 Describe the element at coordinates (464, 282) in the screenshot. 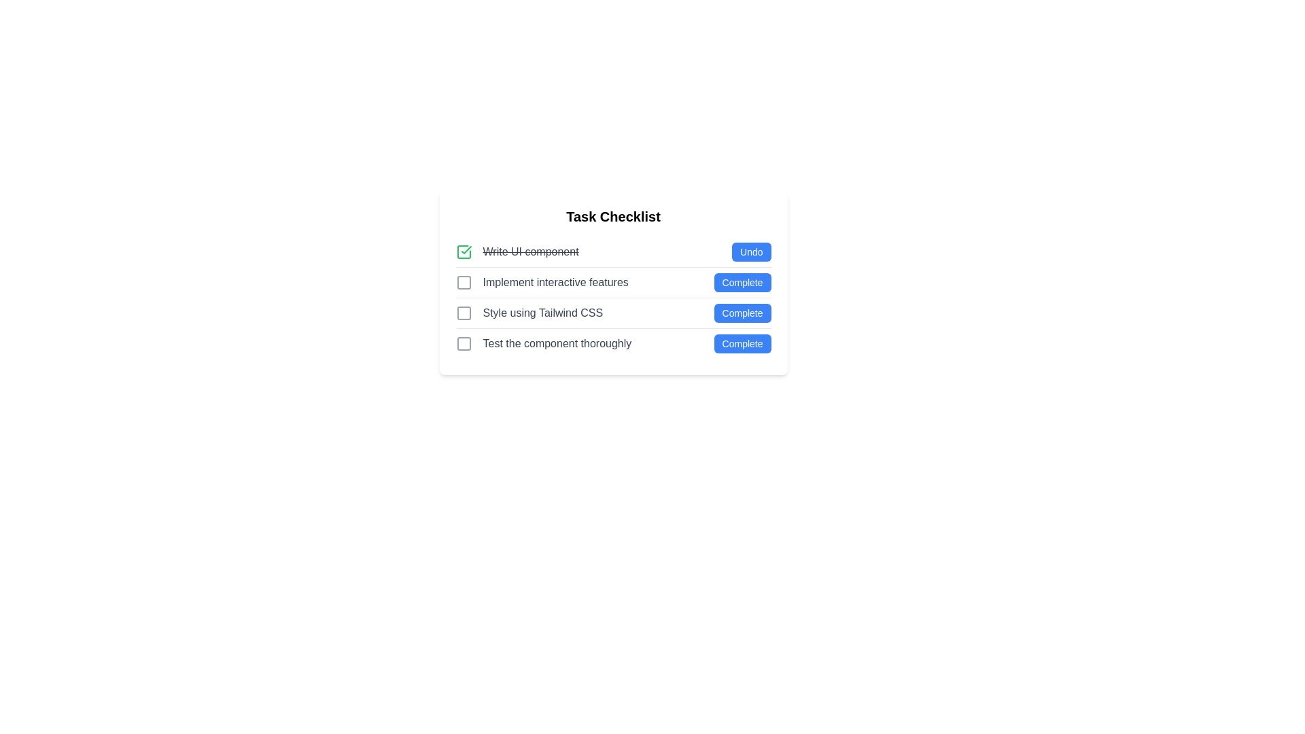

I see `the interactive checkbox located to the left of the text 'Implement interactive features' to provide visual feedback` at that location.